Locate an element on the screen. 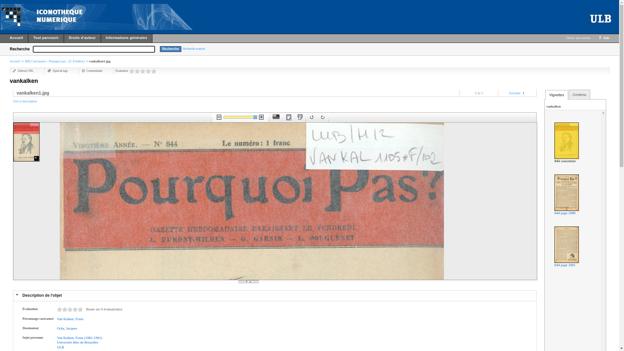  'ICONOTHEQUE NUMERIQUE' is located at coordinates (0, 16).